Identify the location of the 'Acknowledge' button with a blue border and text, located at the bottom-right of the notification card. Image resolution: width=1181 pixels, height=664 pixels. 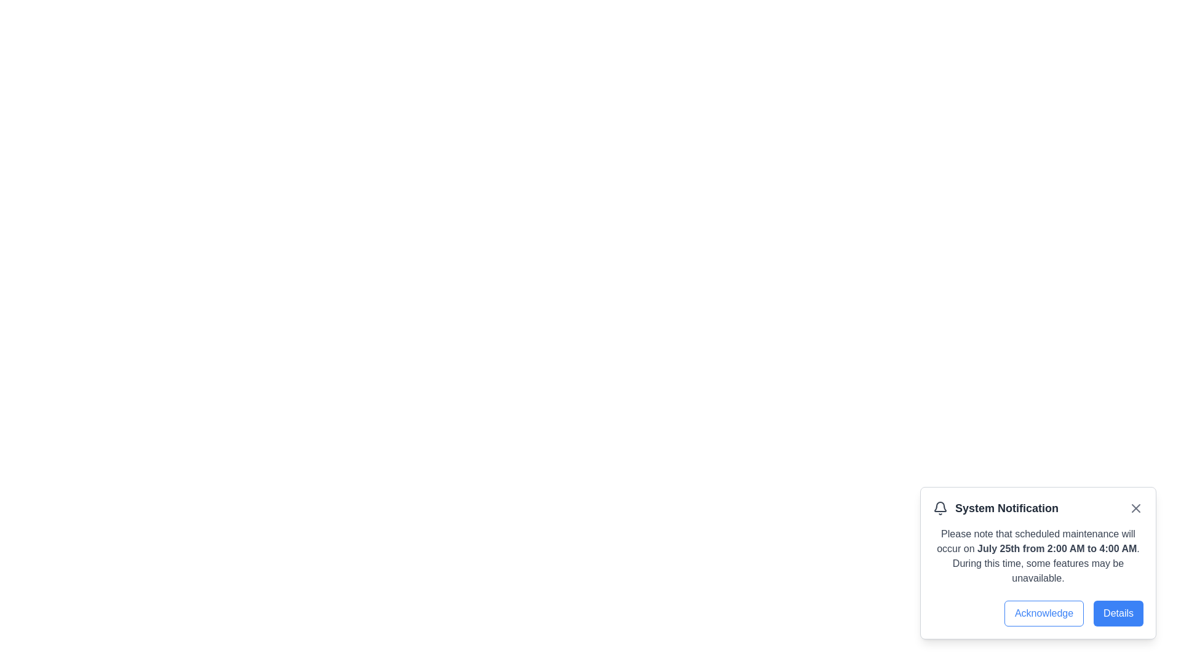
(1043, 614).